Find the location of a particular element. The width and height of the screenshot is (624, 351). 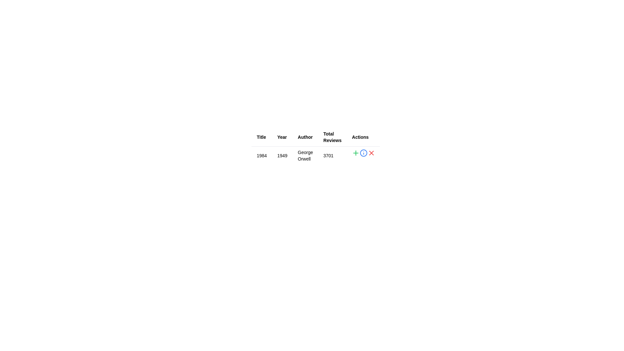

the static label displaying the year associated with the book listed in the same row for reading is located at coordinates (282, 155).